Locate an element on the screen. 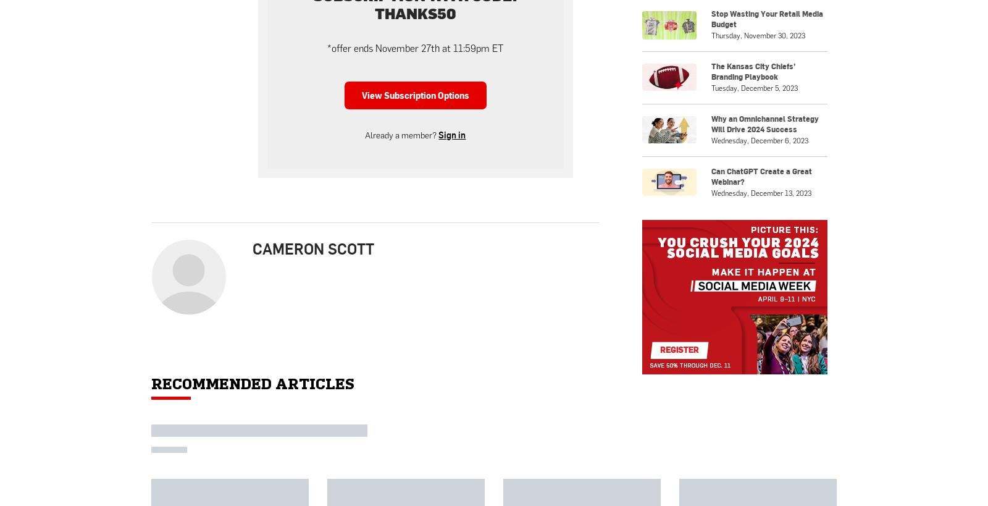 This screenshot has width=988, height=506. 'The Kansas City Chiefs’ Branding Playbook' is located at coordinates (711, 243).